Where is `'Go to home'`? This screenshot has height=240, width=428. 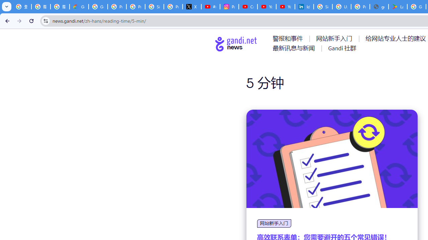
'Go to home' is located at coordinates (236, 44).